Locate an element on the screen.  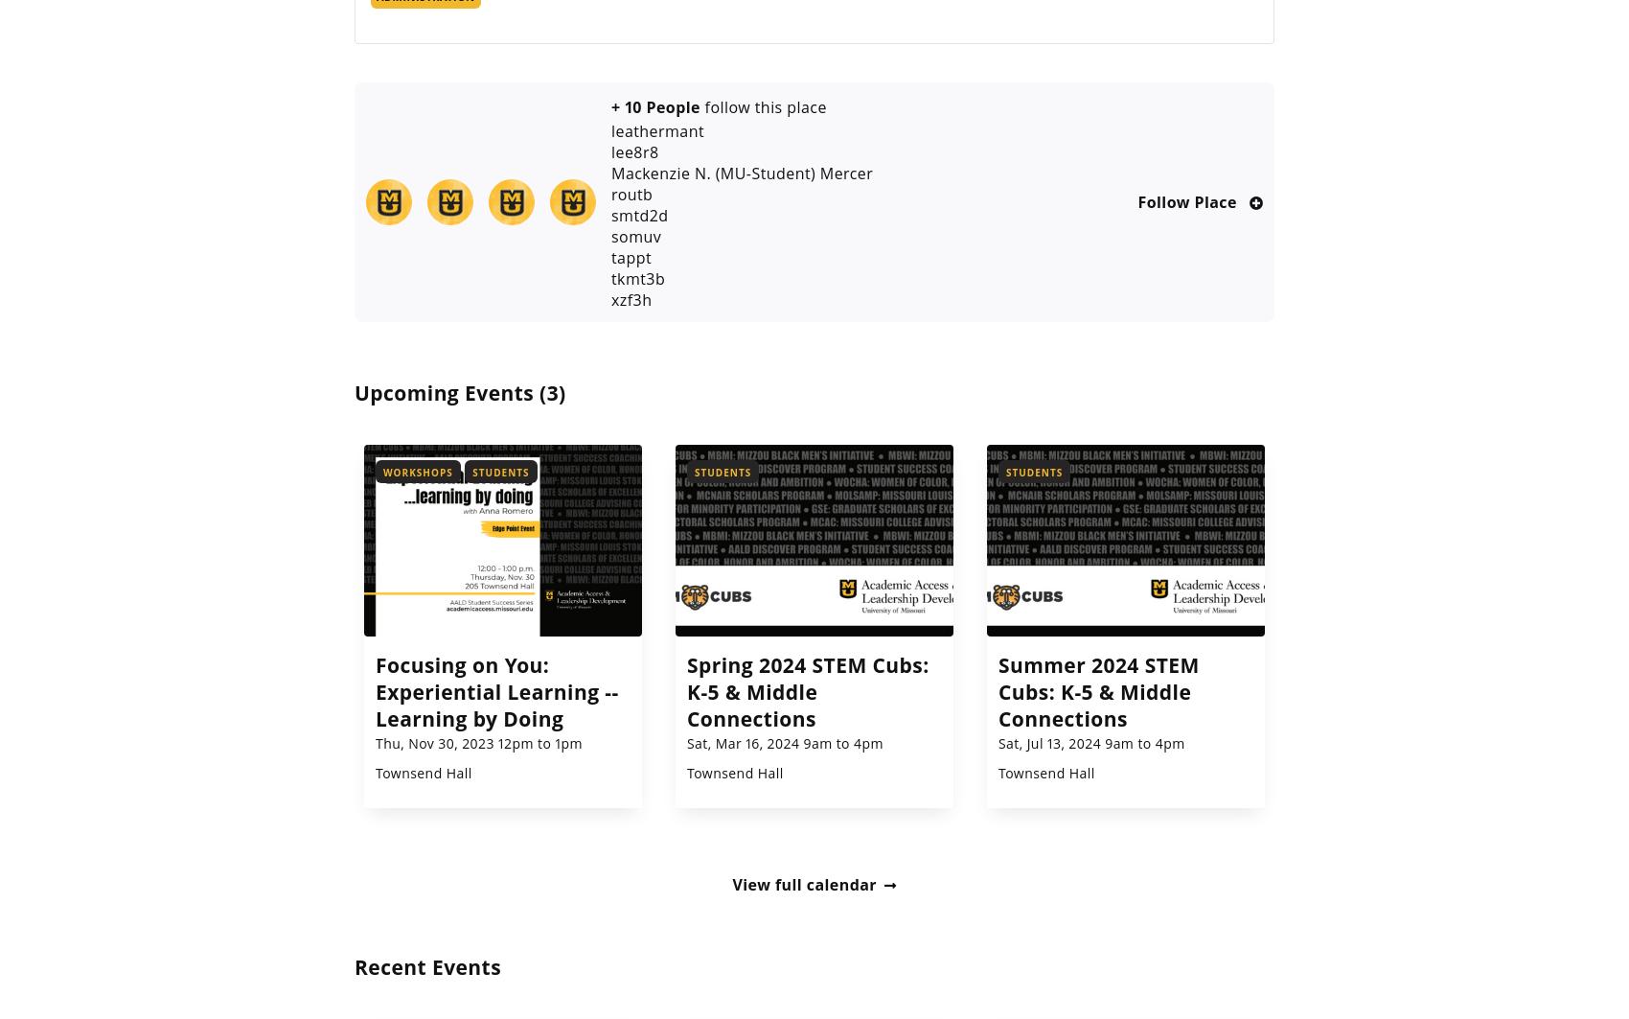
'somuv' is located at coordinates (636, 235).